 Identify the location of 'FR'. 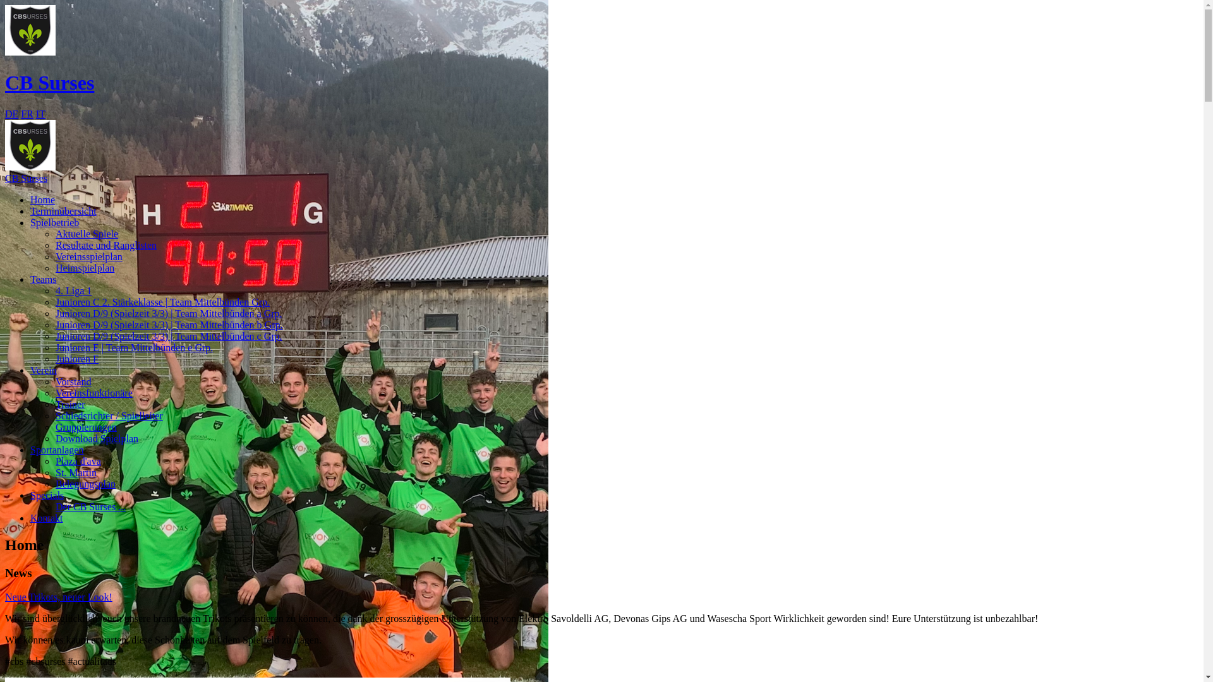
(27, 114).